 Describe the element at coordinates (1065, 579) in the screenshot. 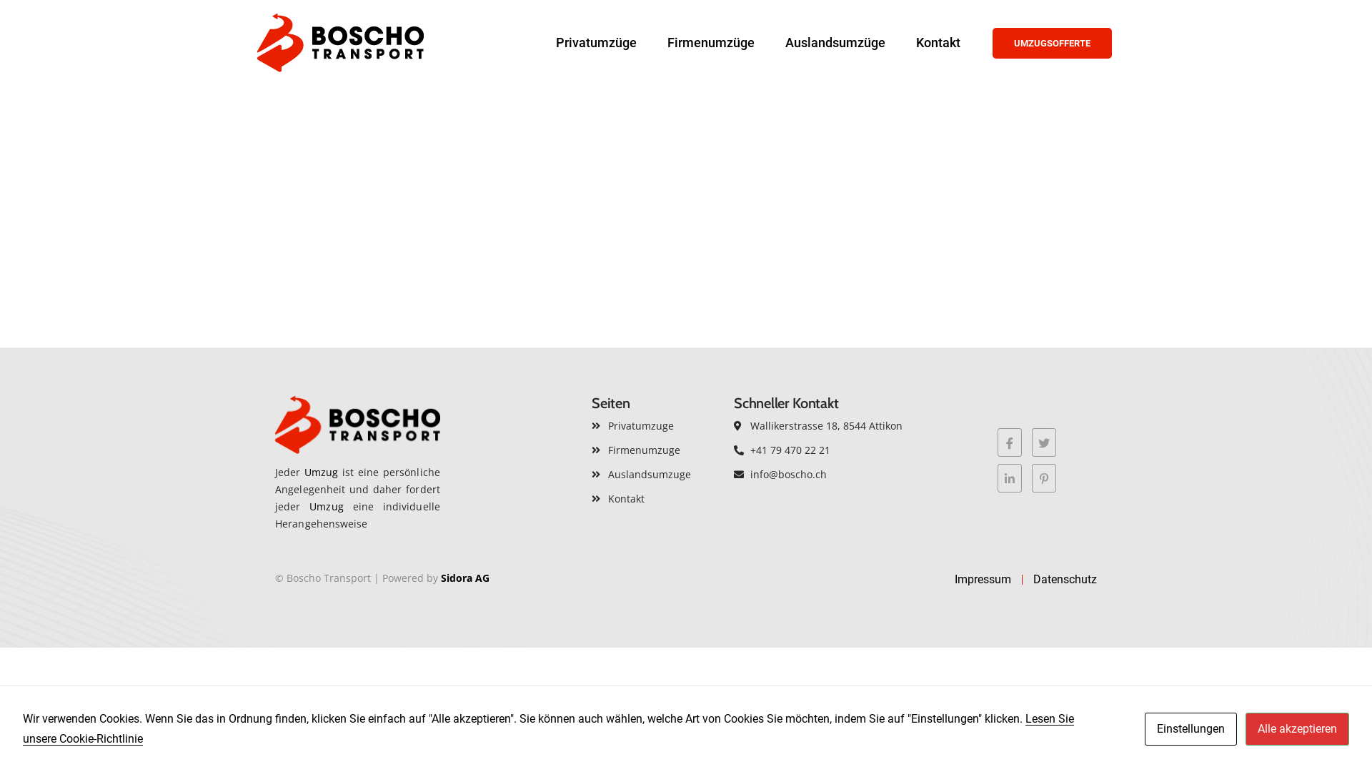

I see `'Datenschutz'` at that location.